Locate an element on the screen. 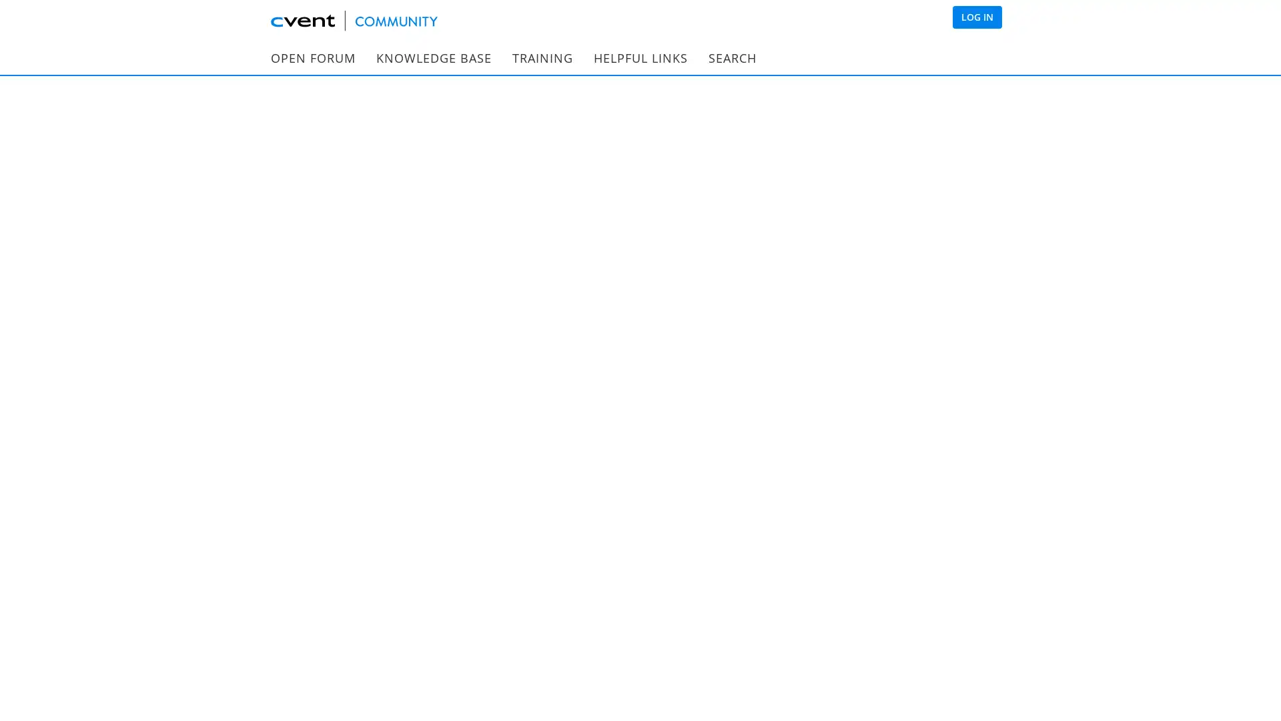 This screenshot has height=721, width=1281. Search is located at coordinates (909, 109).